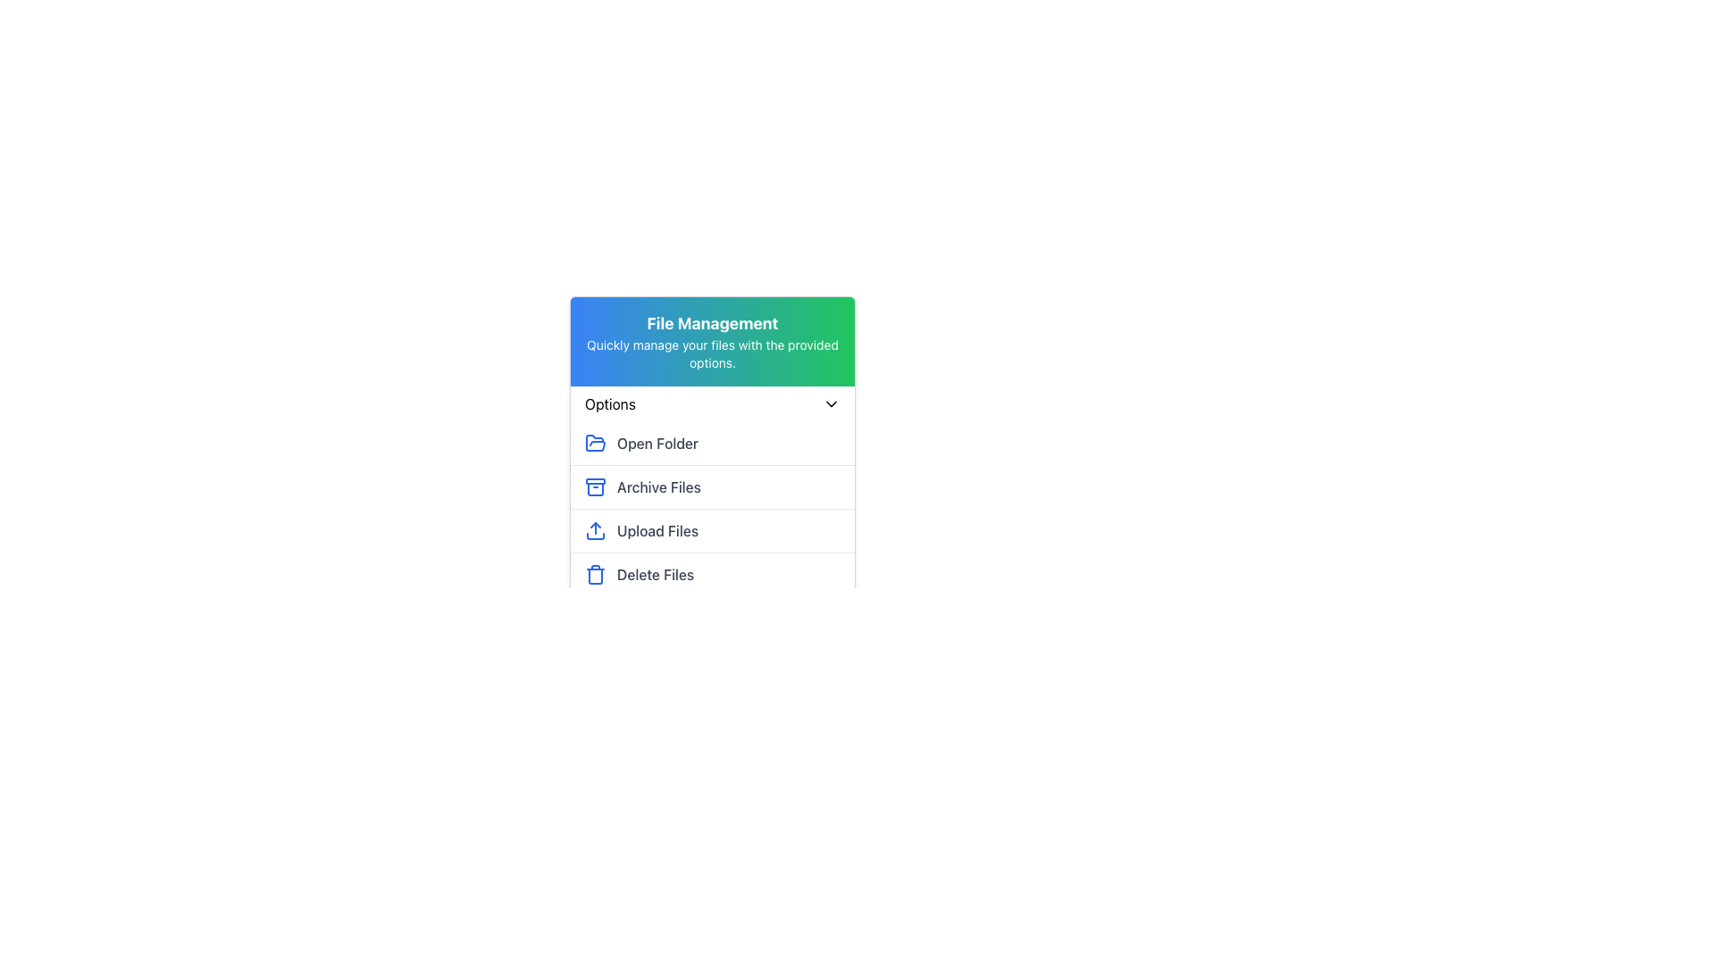 This screenshot has height=964, width=1715. Describe the element at coordinates (596, 480) in the screenshot. I see `the thin rectangular shape with rounded corners that represents the lid of the archive box icon` at that location.